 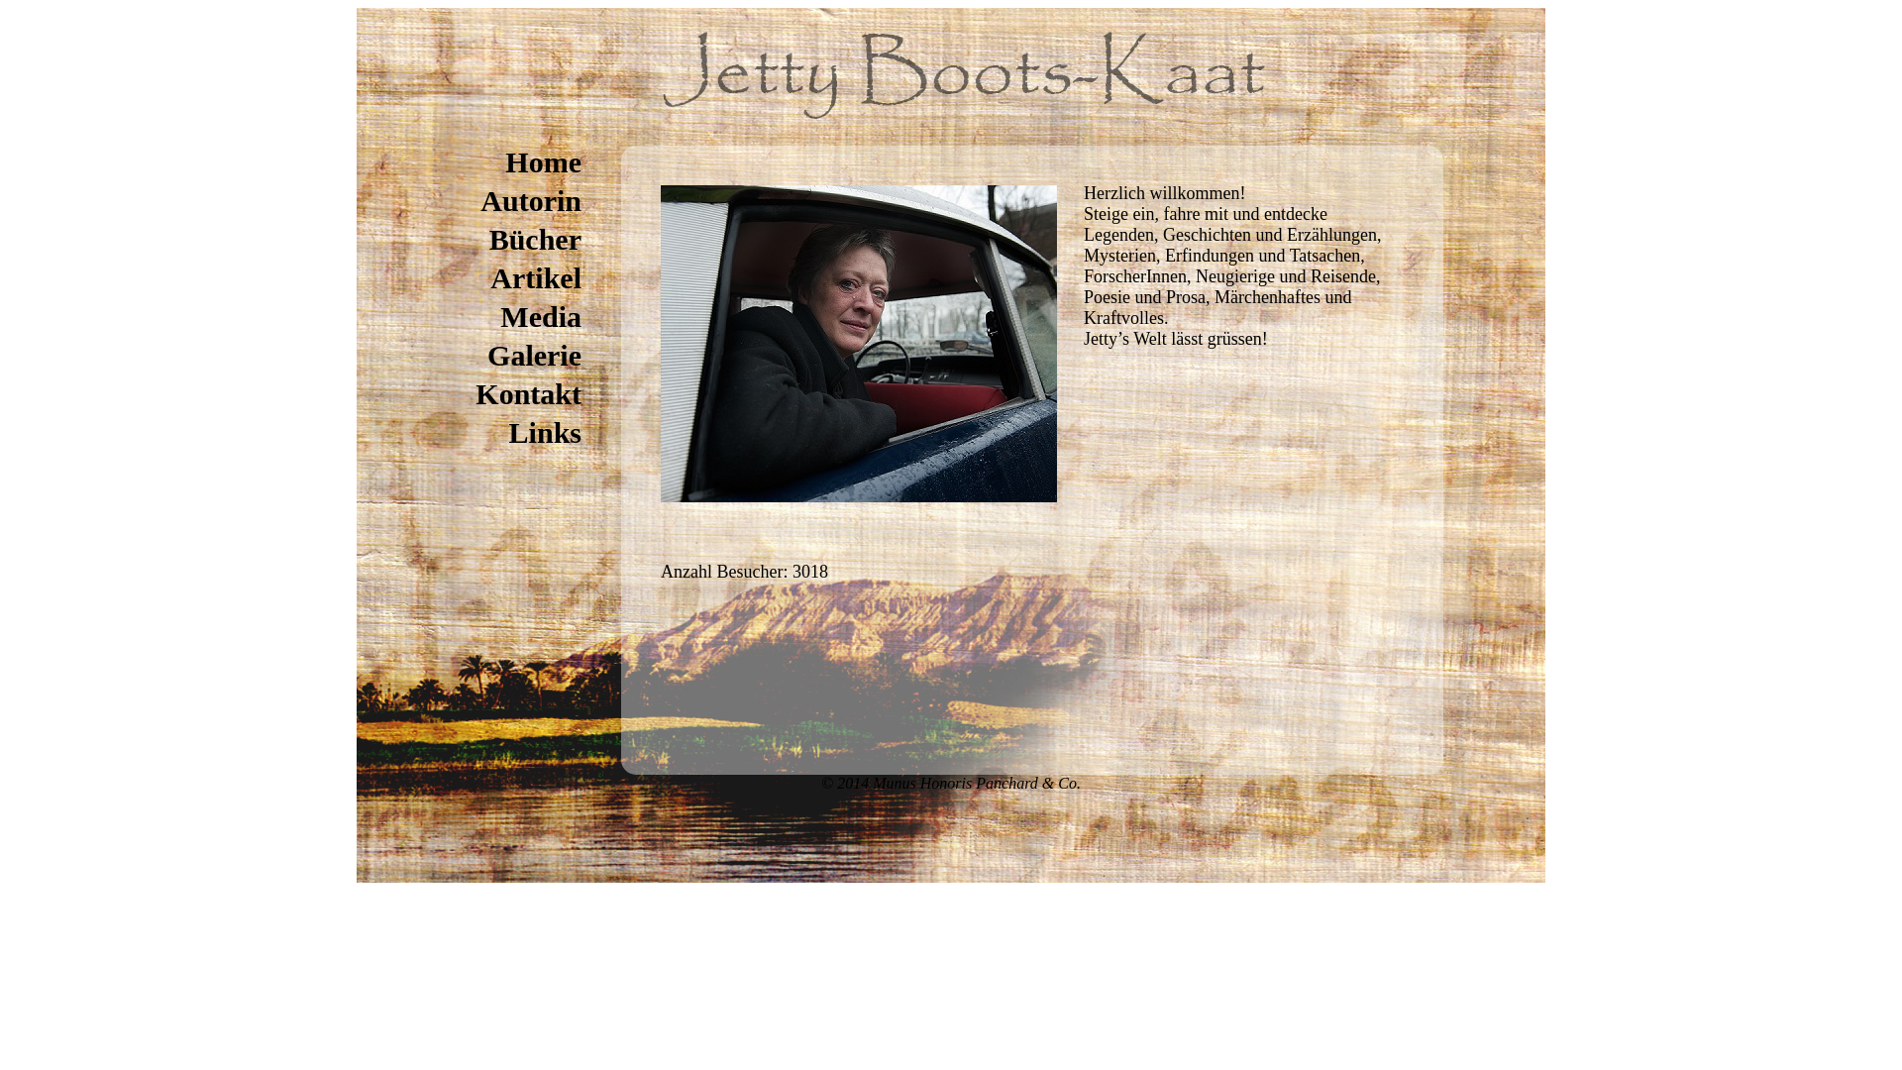 I want to click on 'Autorin', so click(x=531, y=200).